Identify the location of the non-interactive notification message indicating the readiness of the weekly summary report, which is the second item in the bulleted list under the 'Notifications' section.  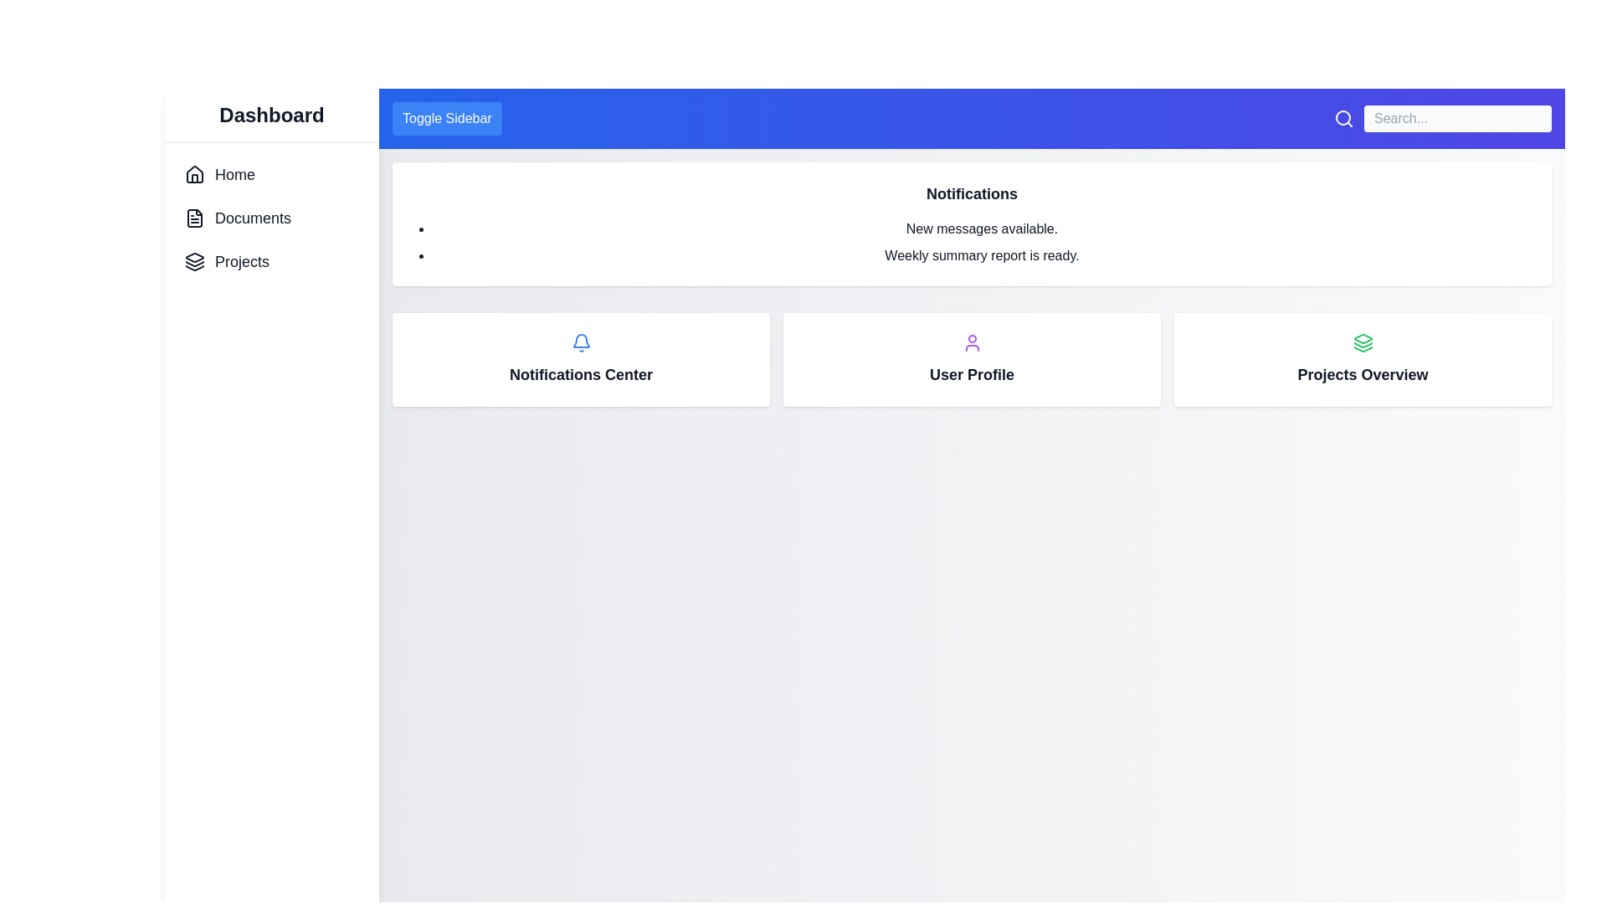
(982, 255).